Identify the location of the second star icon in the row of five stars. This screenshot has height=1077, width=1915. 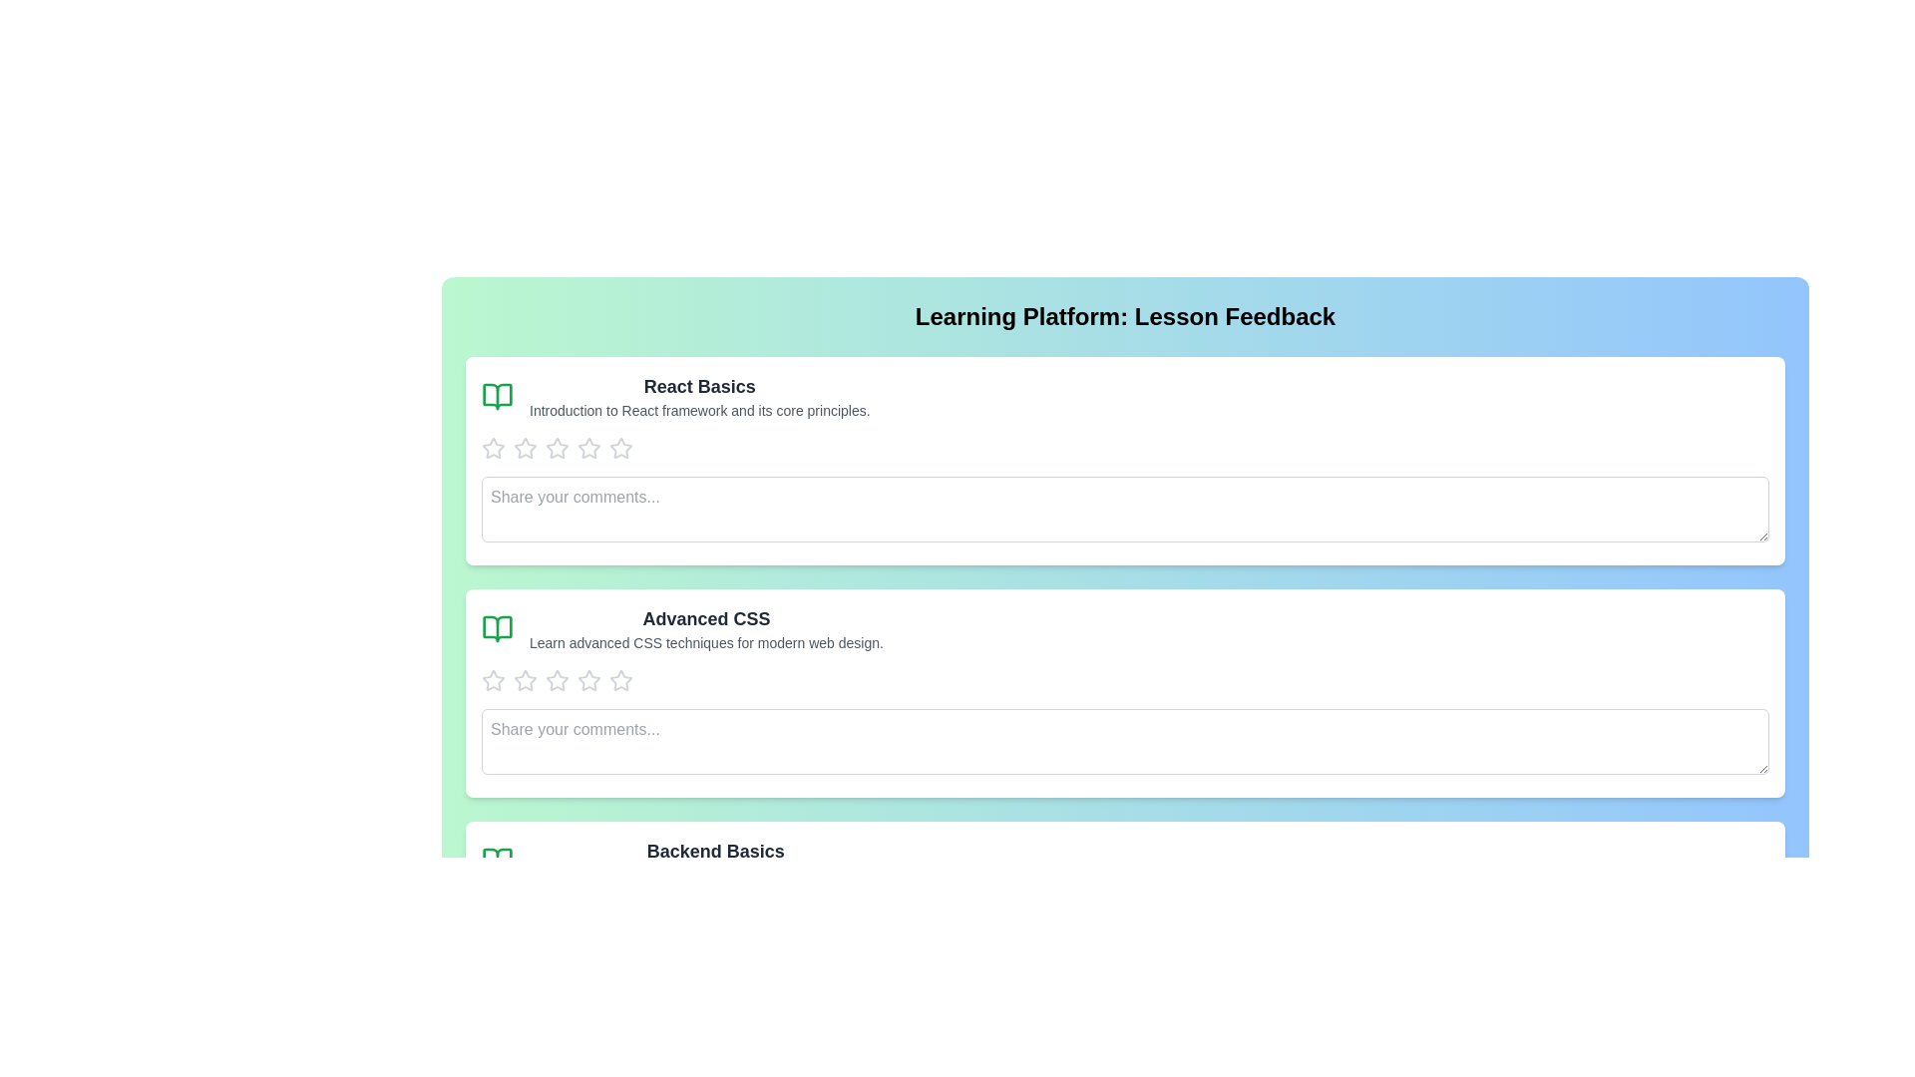
(587, 679).